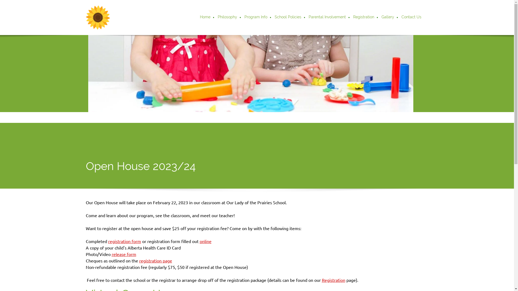  I want to click on 'Home', so click(196, 17).